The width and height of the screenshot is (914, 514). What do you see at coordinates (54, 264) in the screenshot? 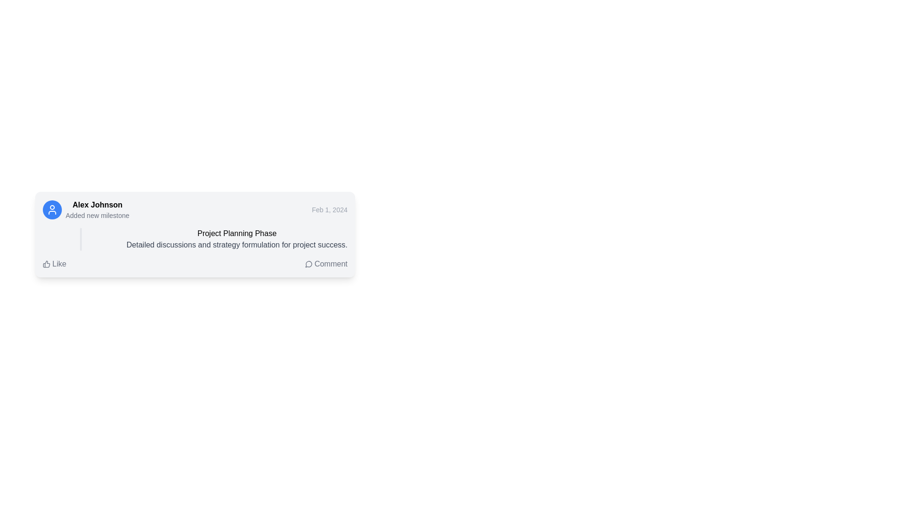
I see `the interactive 'Like' button located in the bottom left section of the card` at bounding box center [54, 264].